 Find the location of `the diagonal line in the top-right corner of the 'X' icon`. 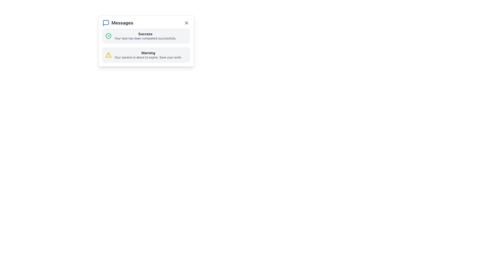

the diagonal line in the top-right corner of the 'X' icon is located at coordinates (186, 23).